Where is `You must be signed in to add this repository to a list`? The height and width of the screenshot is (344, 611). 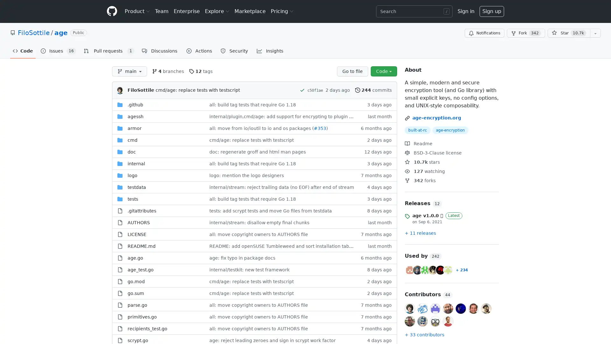 You must be signed in to add this repository to a list is located at coordinates (595, 33).